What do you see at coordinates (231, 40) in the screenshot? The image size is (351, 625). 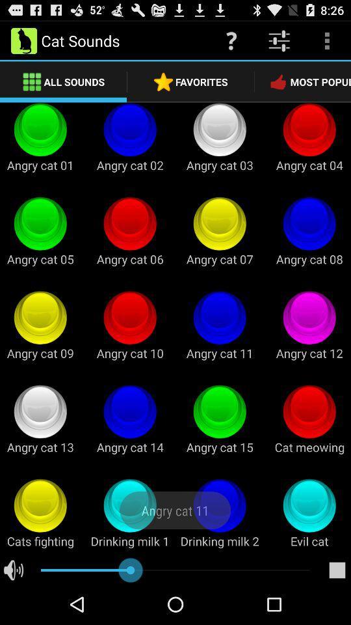 I see `the icon above the favorites` at bounding box center [231, 40].